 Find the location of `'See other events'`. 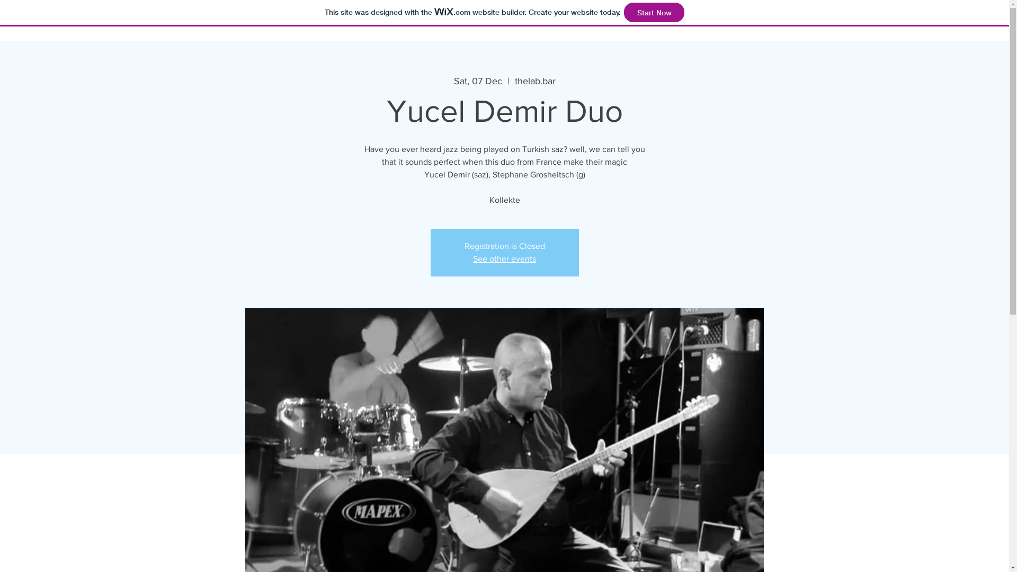

'See other events' is located at coordinates (504, 258).